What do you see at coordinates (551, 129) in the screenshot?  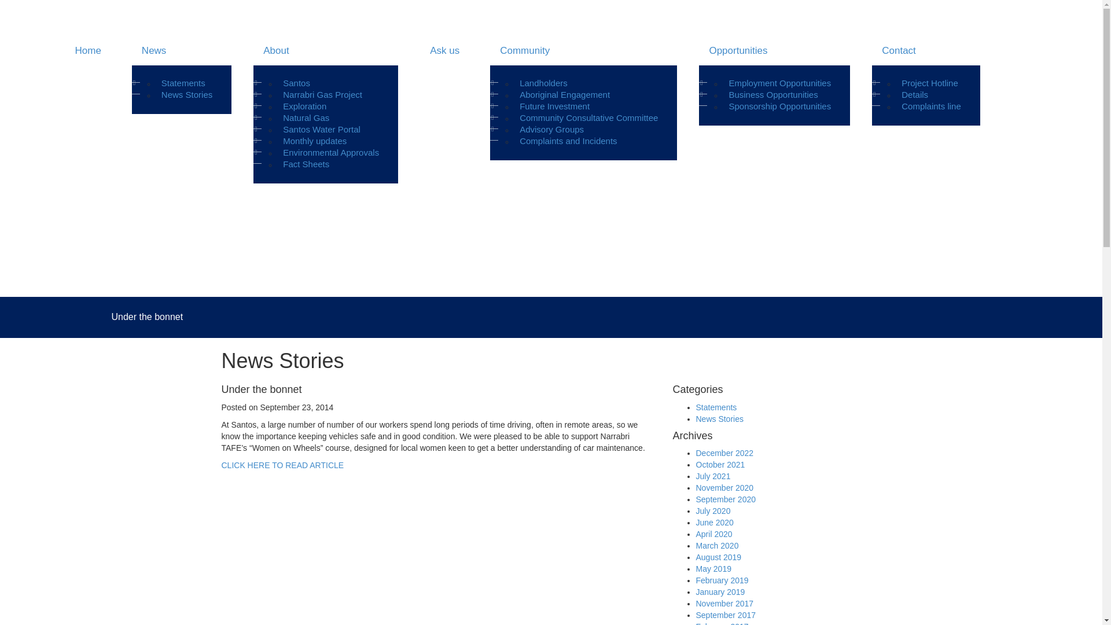 I see `'Advisory Groups'` at bounding box center [551, 129].